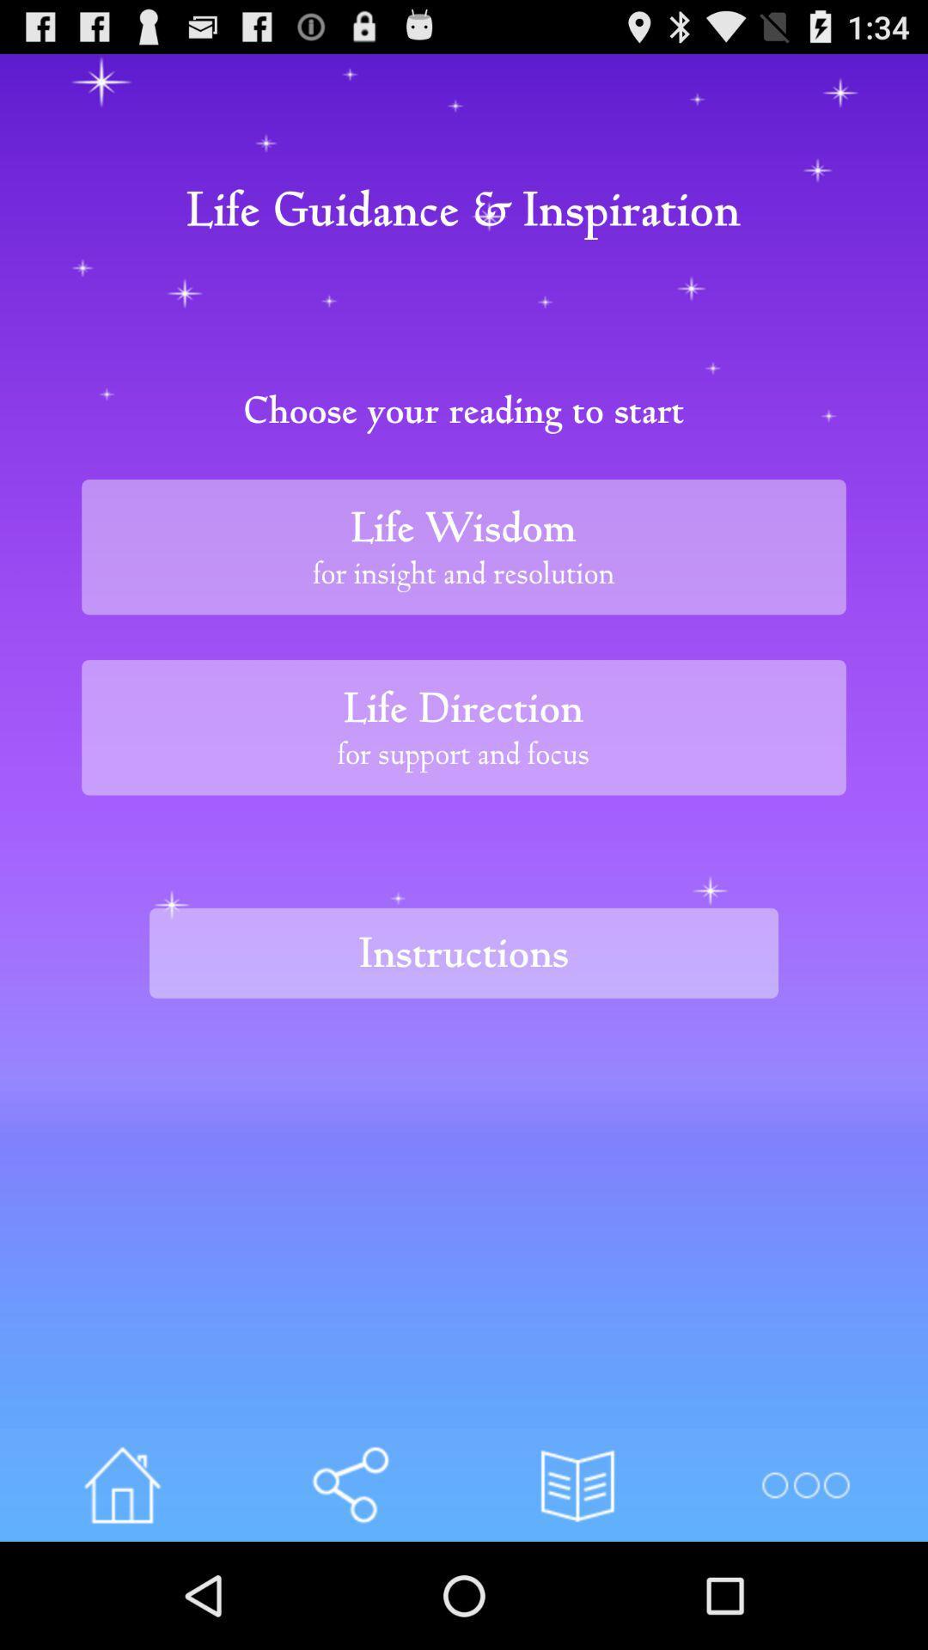 Image resolution: width=928 pixels, height=1650 pixels. I want to click on takes you home, so click(121, 1484).